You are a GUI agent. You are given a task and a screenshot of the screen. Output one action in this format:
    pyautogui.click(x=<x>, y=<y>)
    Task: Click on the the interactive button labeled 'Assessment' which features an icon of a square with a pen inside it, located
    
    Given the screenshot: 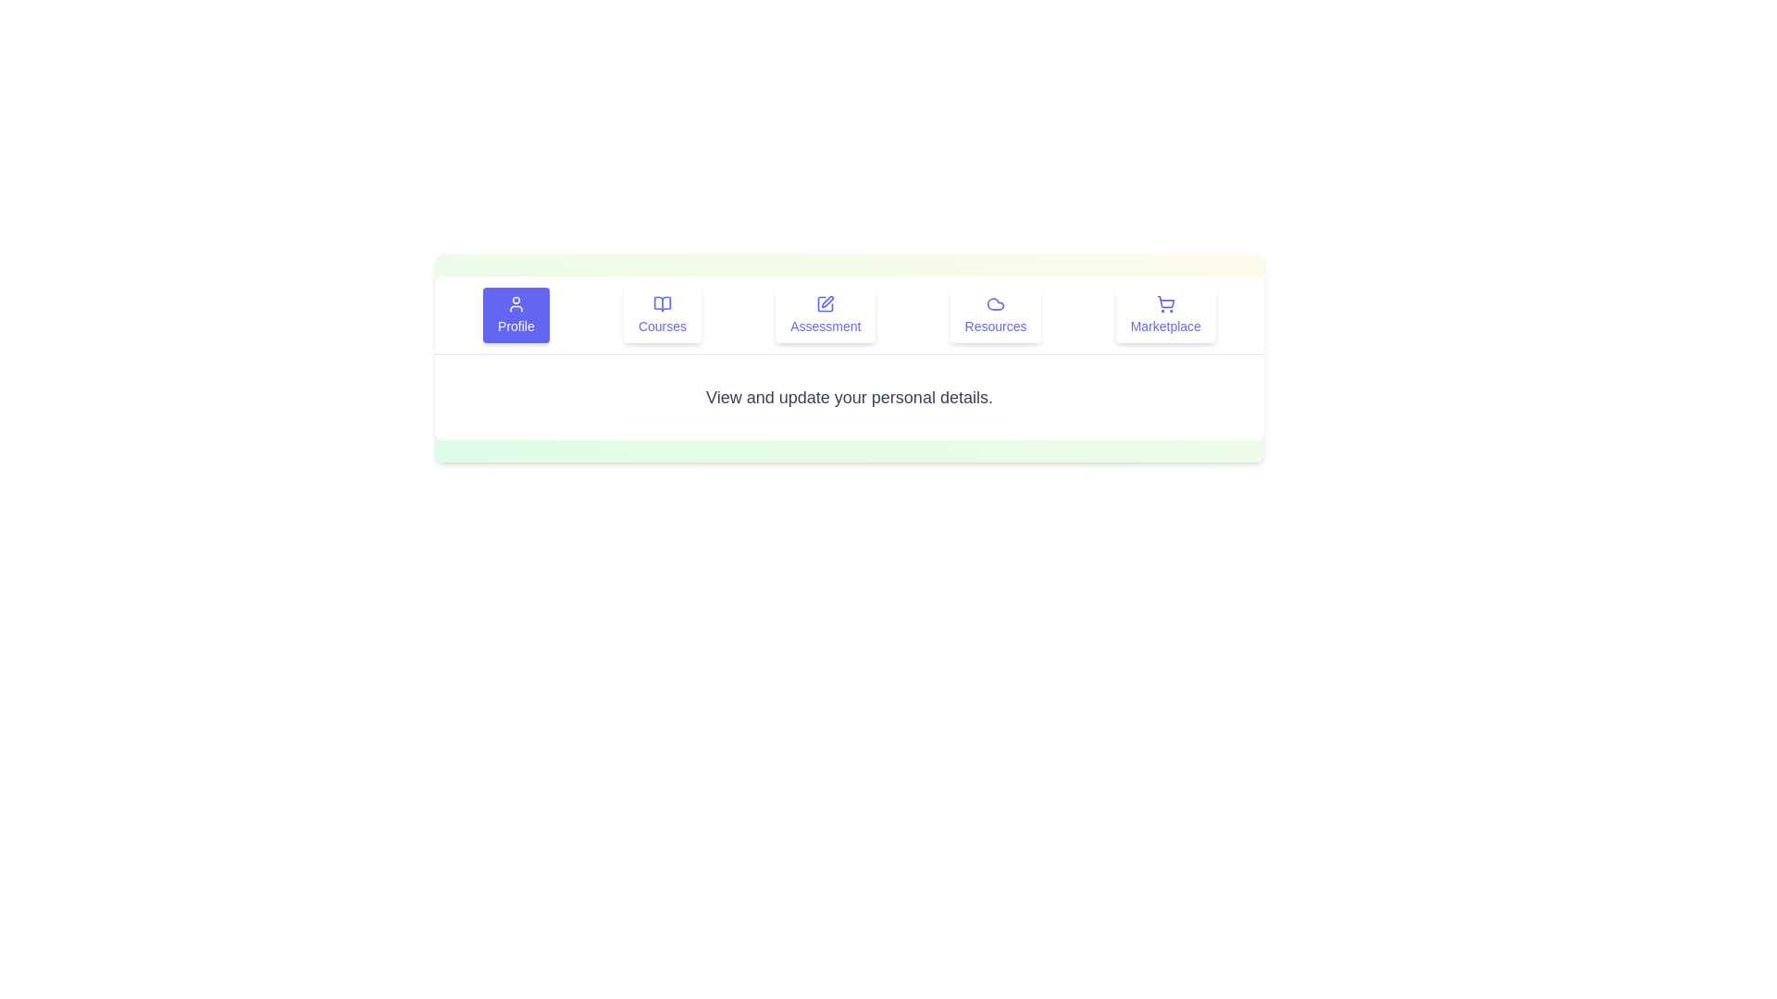 What is the action you would take?
    pyautogui.click(x=825, y=314)
    